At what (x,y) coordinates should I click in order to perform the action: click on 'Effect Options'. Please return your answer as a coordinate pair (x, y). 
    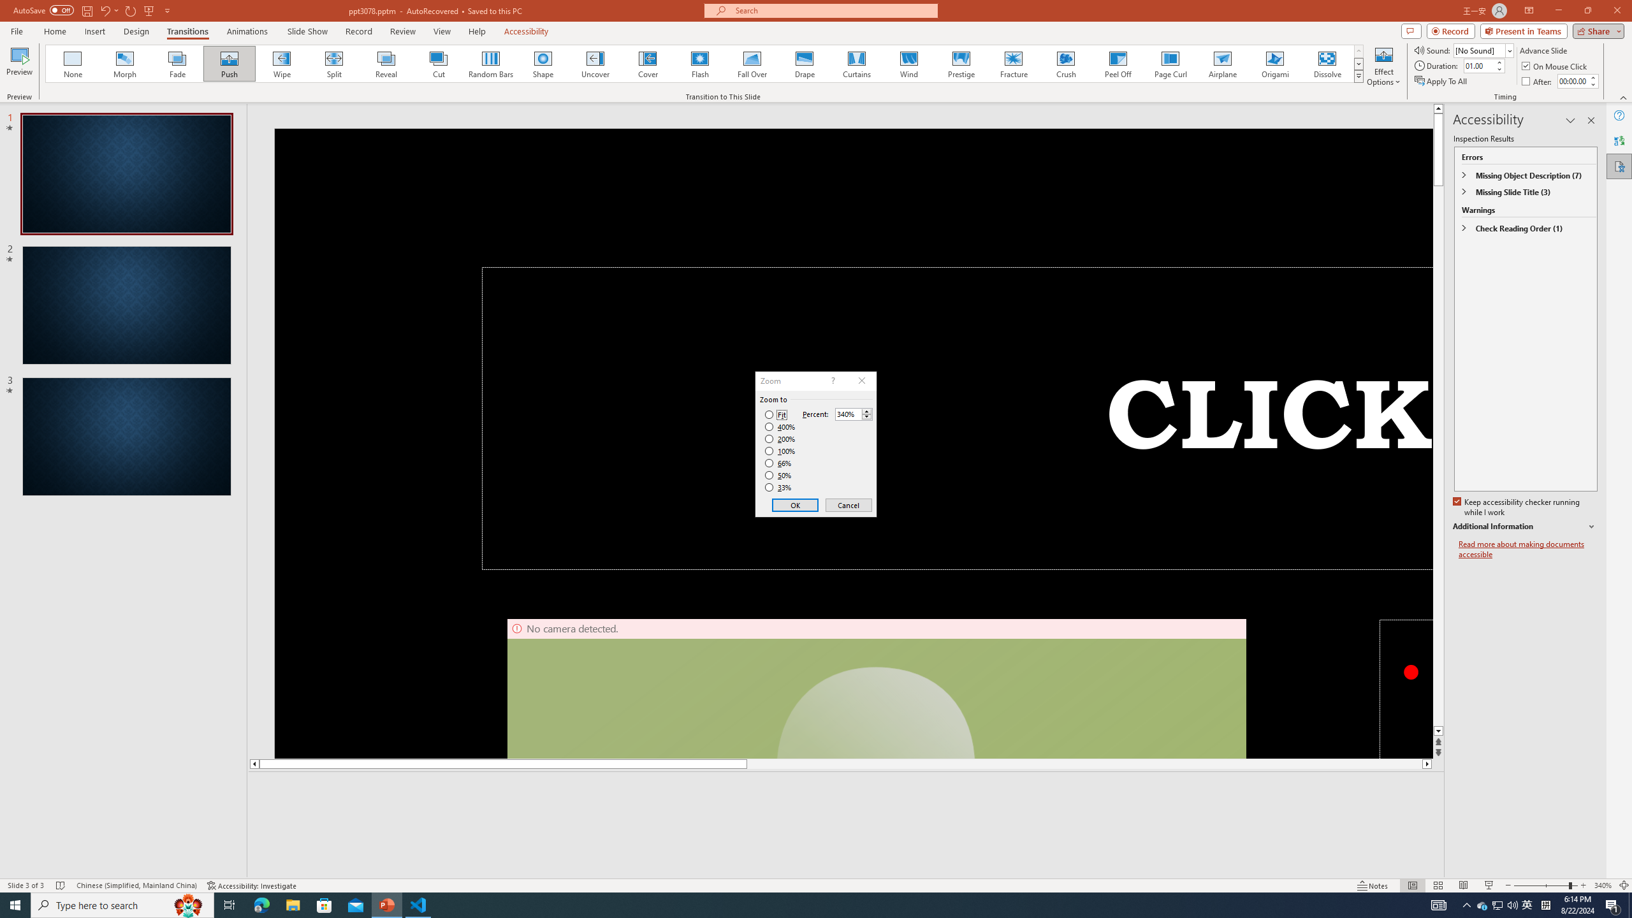
    Looking at the image, I should click on (1383, 66).